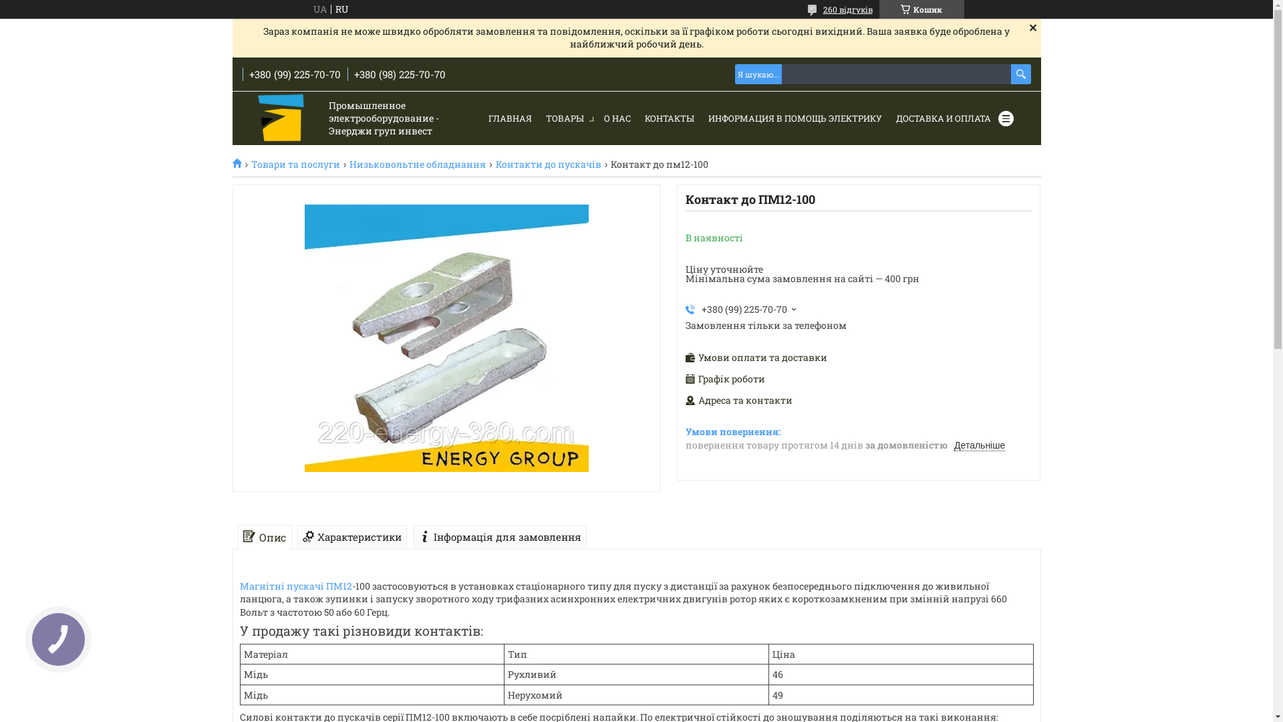  I want to click on 'RU', so click(340, 9).